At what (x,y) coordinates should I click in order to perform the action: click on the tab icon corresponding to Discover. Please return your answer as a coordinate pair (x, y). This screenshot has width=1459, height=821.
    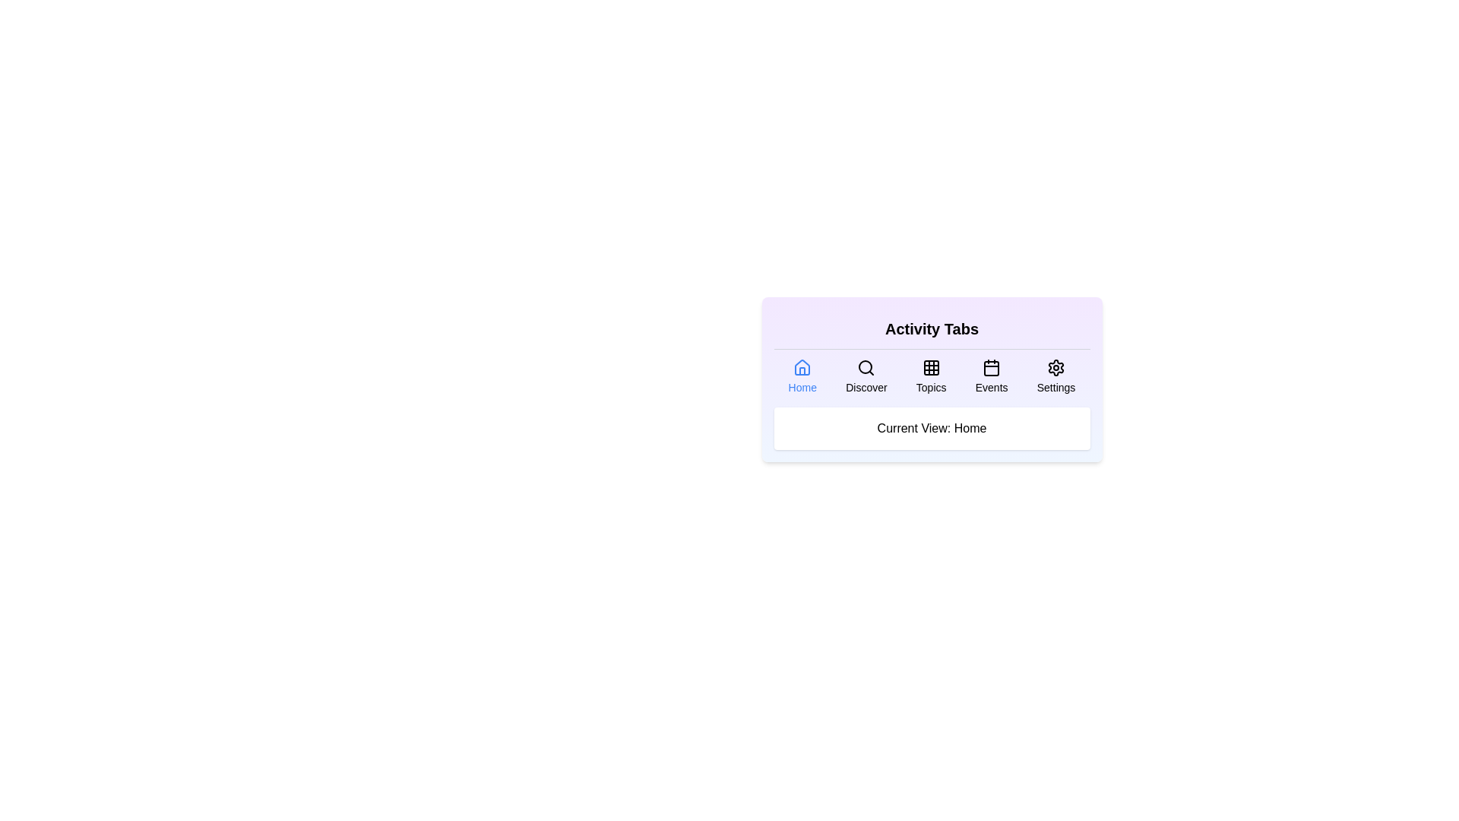
    Looking at the image, I should click on (866, 376).